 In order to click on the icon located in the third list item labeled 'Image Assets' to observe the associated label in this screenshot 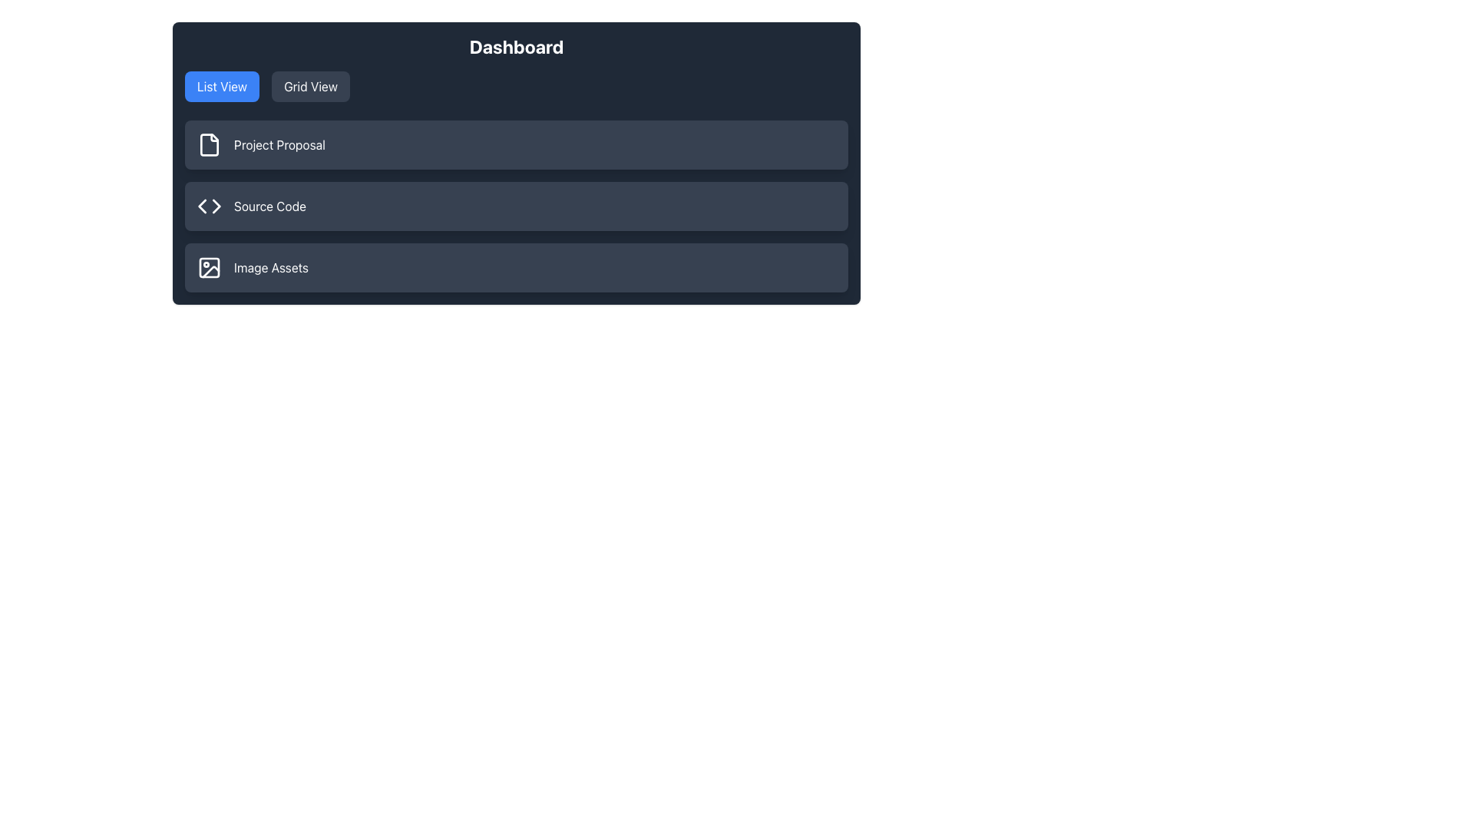, I will do `click(209, 266)`.